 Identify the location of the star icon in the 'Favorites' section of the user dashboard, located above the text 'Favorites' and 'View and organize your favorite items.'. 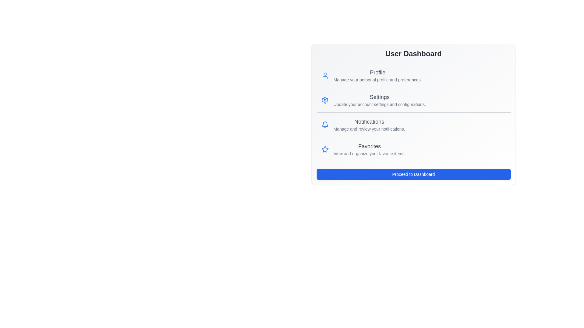
(325, 149).